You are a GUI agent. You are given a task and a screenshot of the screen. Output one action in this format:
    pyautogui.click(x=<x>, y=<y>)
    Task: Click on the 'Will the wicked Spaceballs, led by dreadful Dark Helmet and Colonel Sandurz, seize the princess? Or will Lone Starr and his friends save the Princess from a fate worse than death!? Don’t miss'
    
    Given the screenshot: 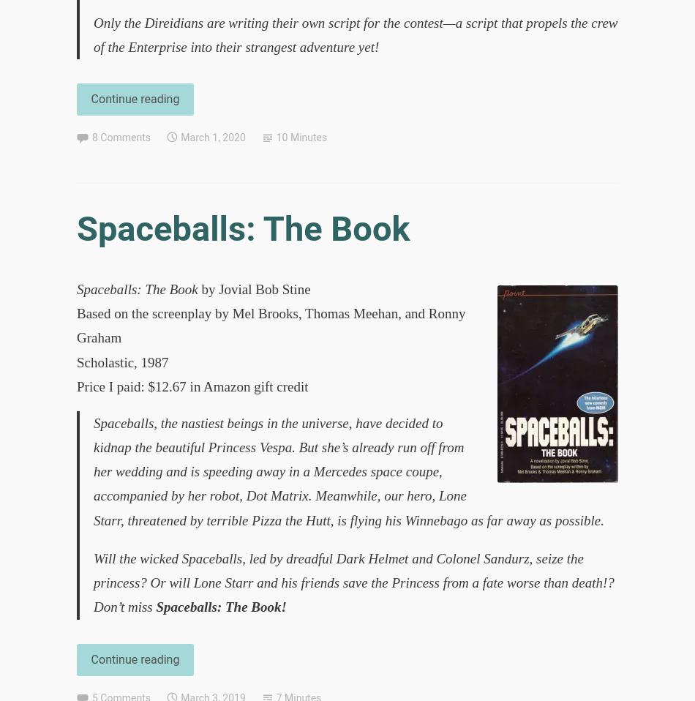 What is the action you would take?
    pyautogui.click(x=353, y=582)
    